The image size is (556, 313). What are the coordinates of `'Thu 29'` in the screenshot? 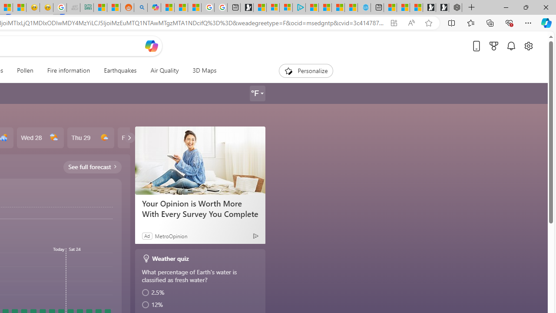 It's located at (90, 137).